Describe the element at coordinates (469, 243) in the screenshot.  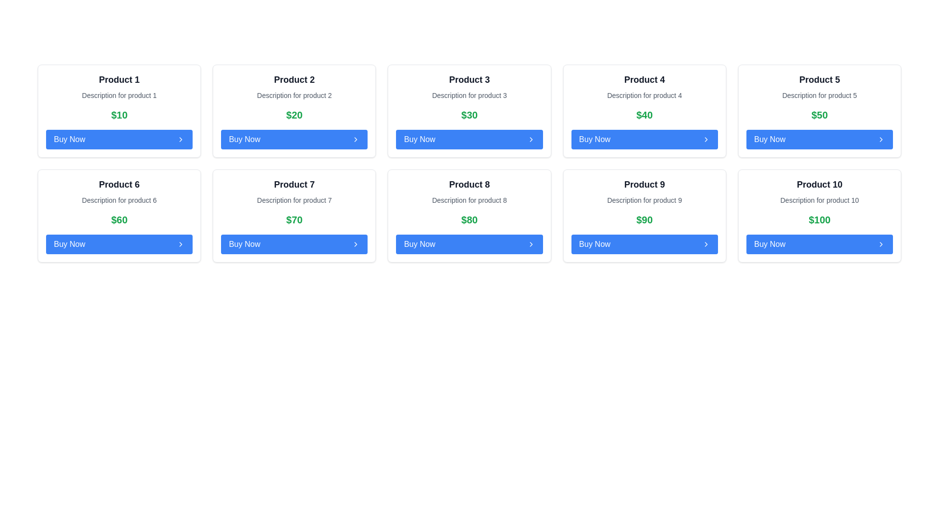
I see `the call-to-action button located at the bottom of the eighth product card, beneath the product price '$80'` at that location.